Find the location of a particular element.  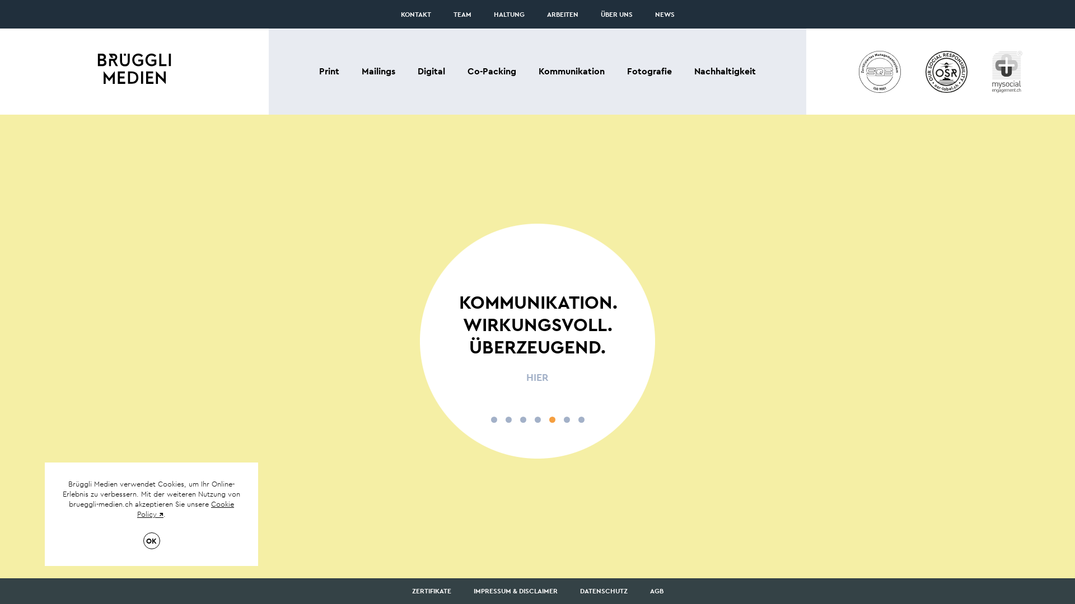

'Nachhaltigkeit' is located at coordinates (725, 71).